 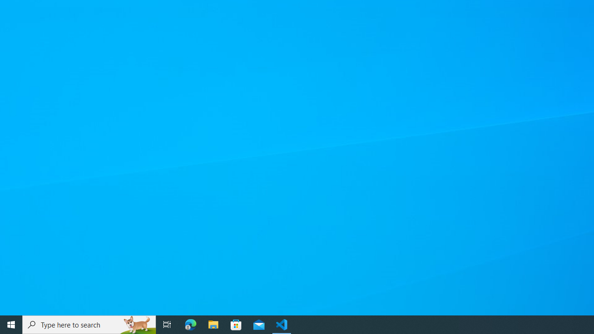 What do you see at coordinates (167, 324) in the screenshot?
I see `'Task View'` at bounding box center [167, 324].